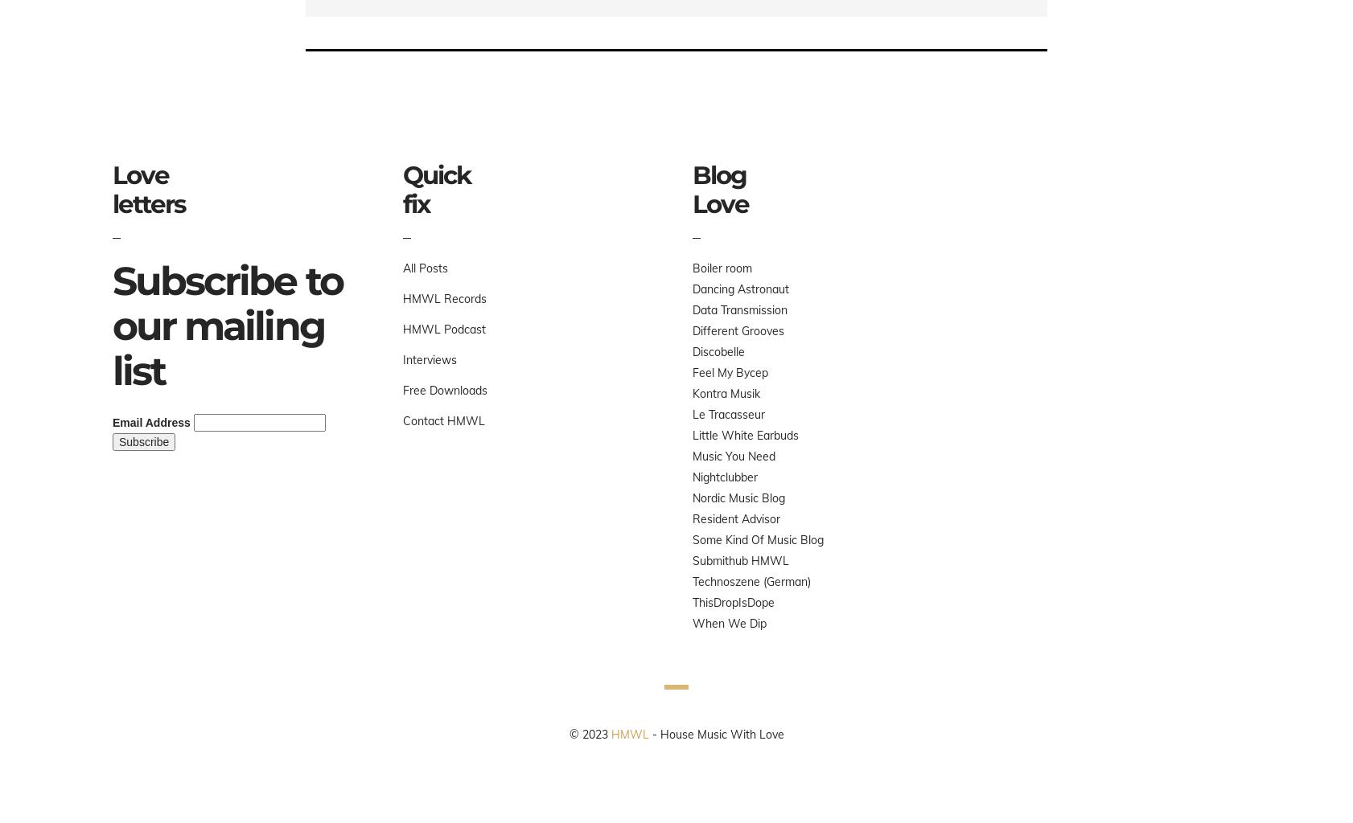 This screenshot has width=1353, height=823. I want to click on 'Free Downloads', so click(444, 389).